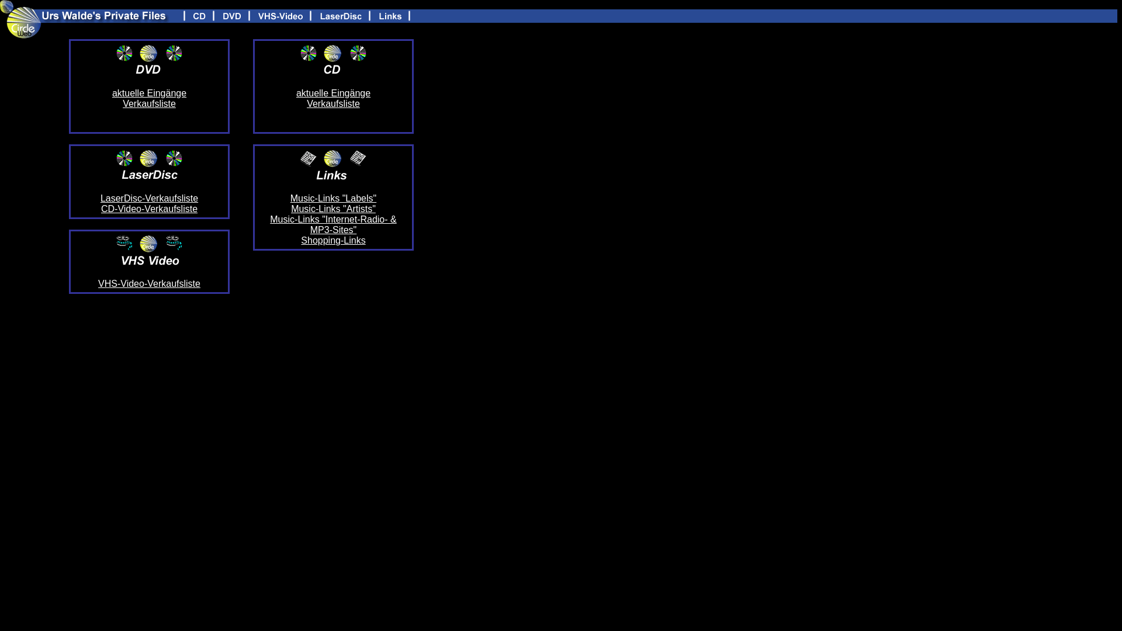  Describe the element at coordinates (333, 240) in the screenshot. I see `'Shopping-Links'` at that location.